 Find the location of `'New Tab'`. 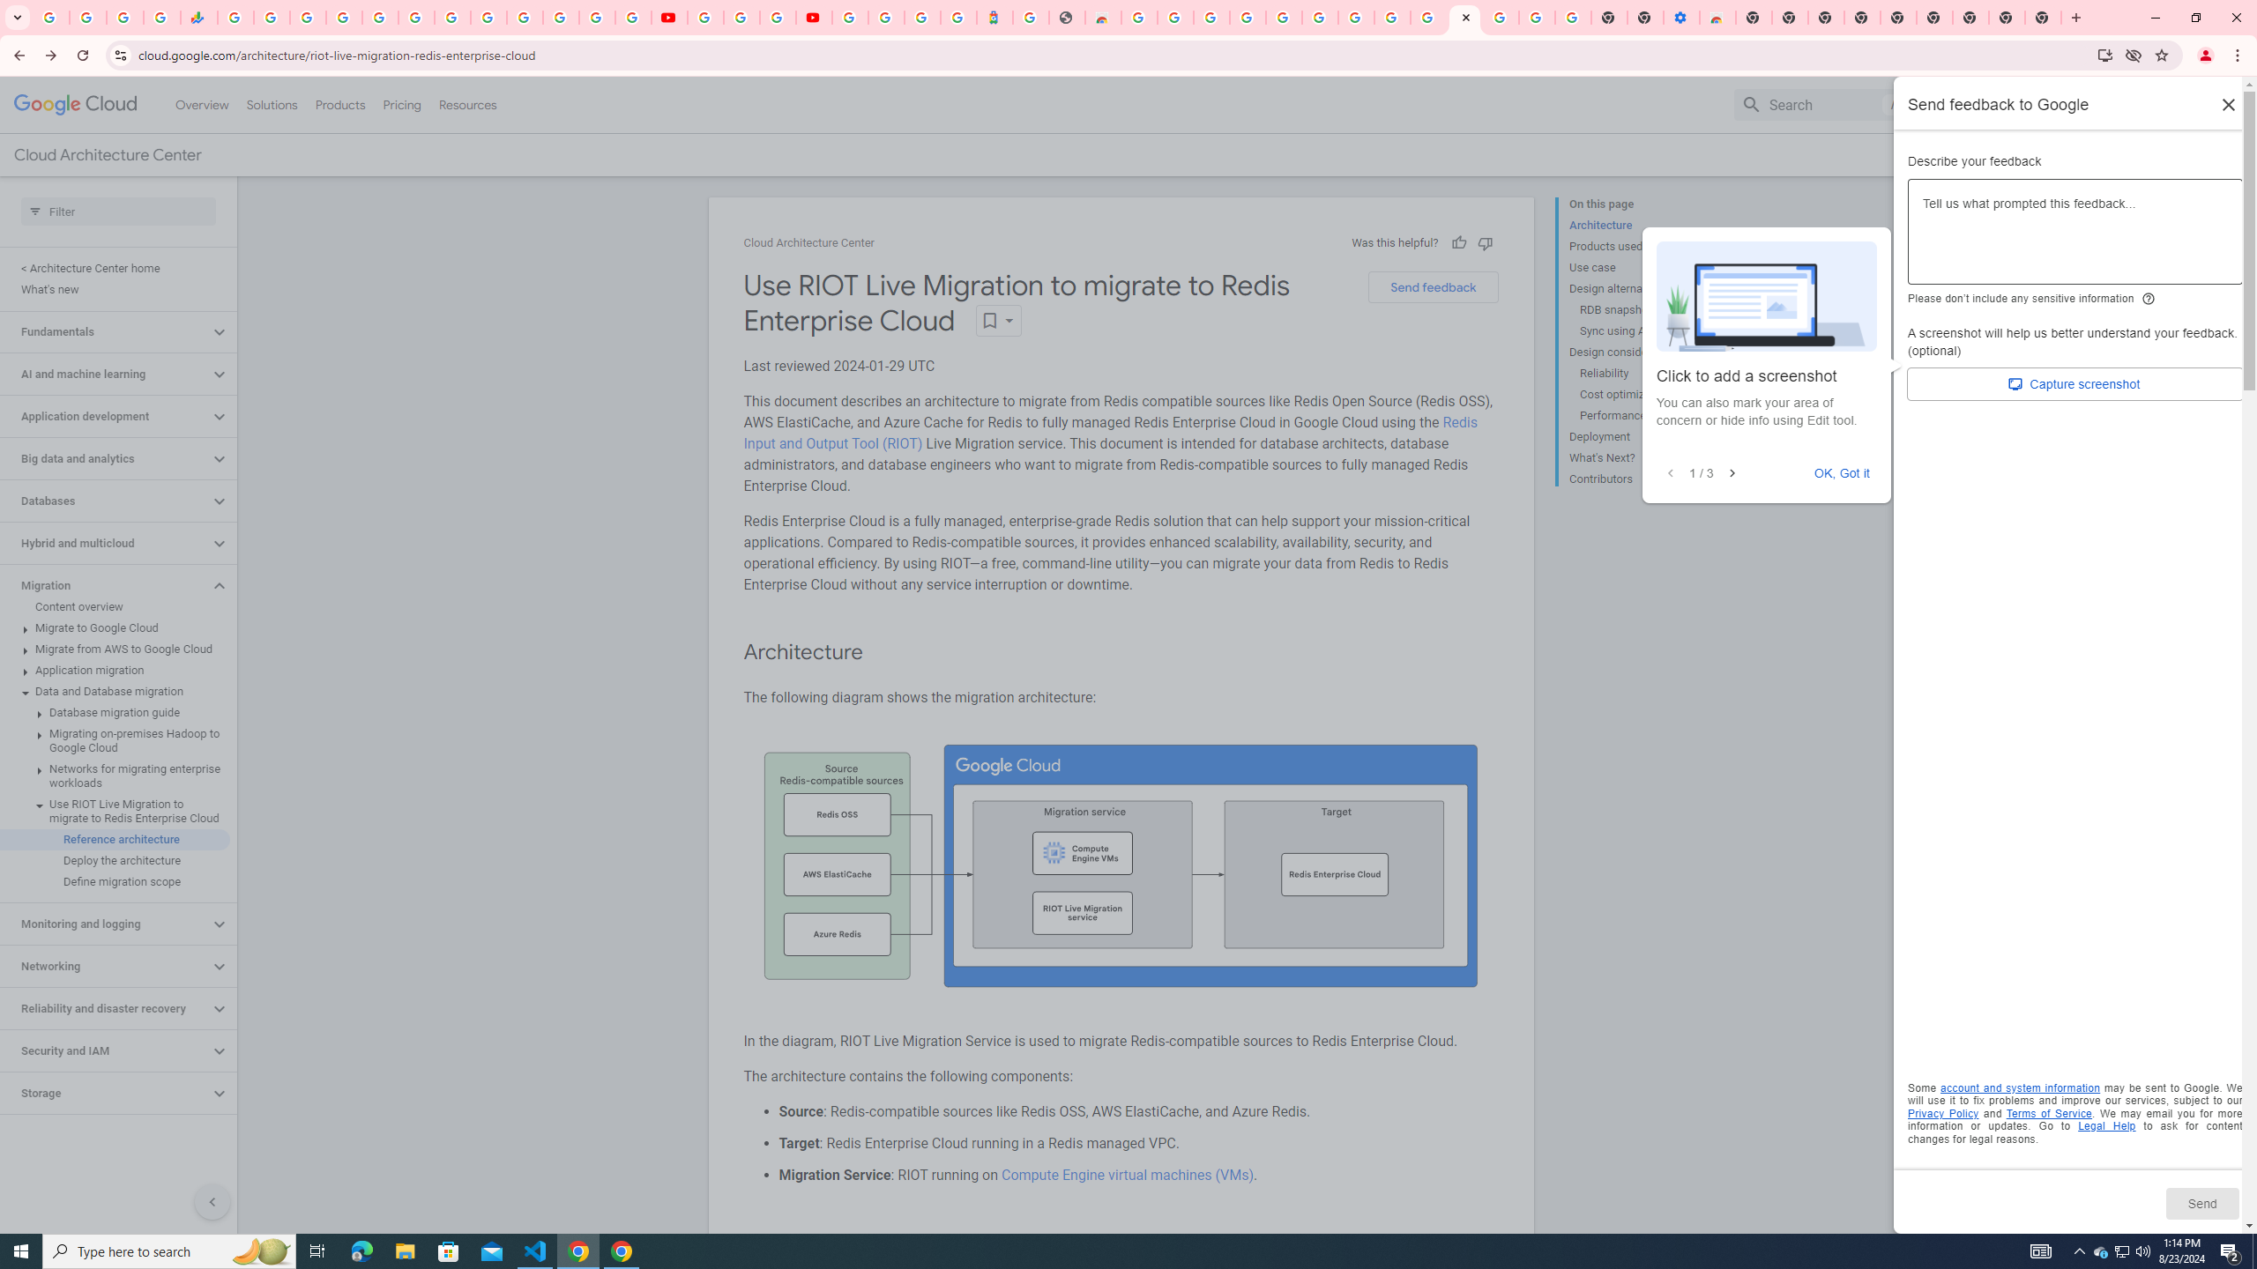

'New Tab' is located at coordinates (2044, 17).